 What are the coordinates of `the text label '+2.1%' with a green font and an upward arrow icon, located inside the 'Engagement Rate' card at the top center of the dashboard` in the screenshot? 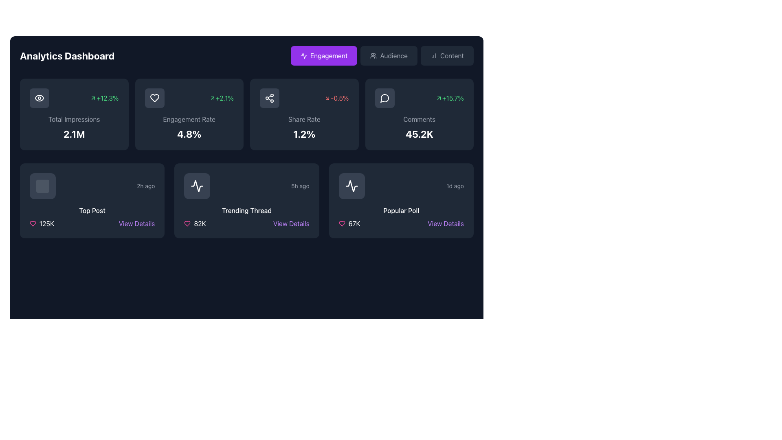 It's located at (221, 97).